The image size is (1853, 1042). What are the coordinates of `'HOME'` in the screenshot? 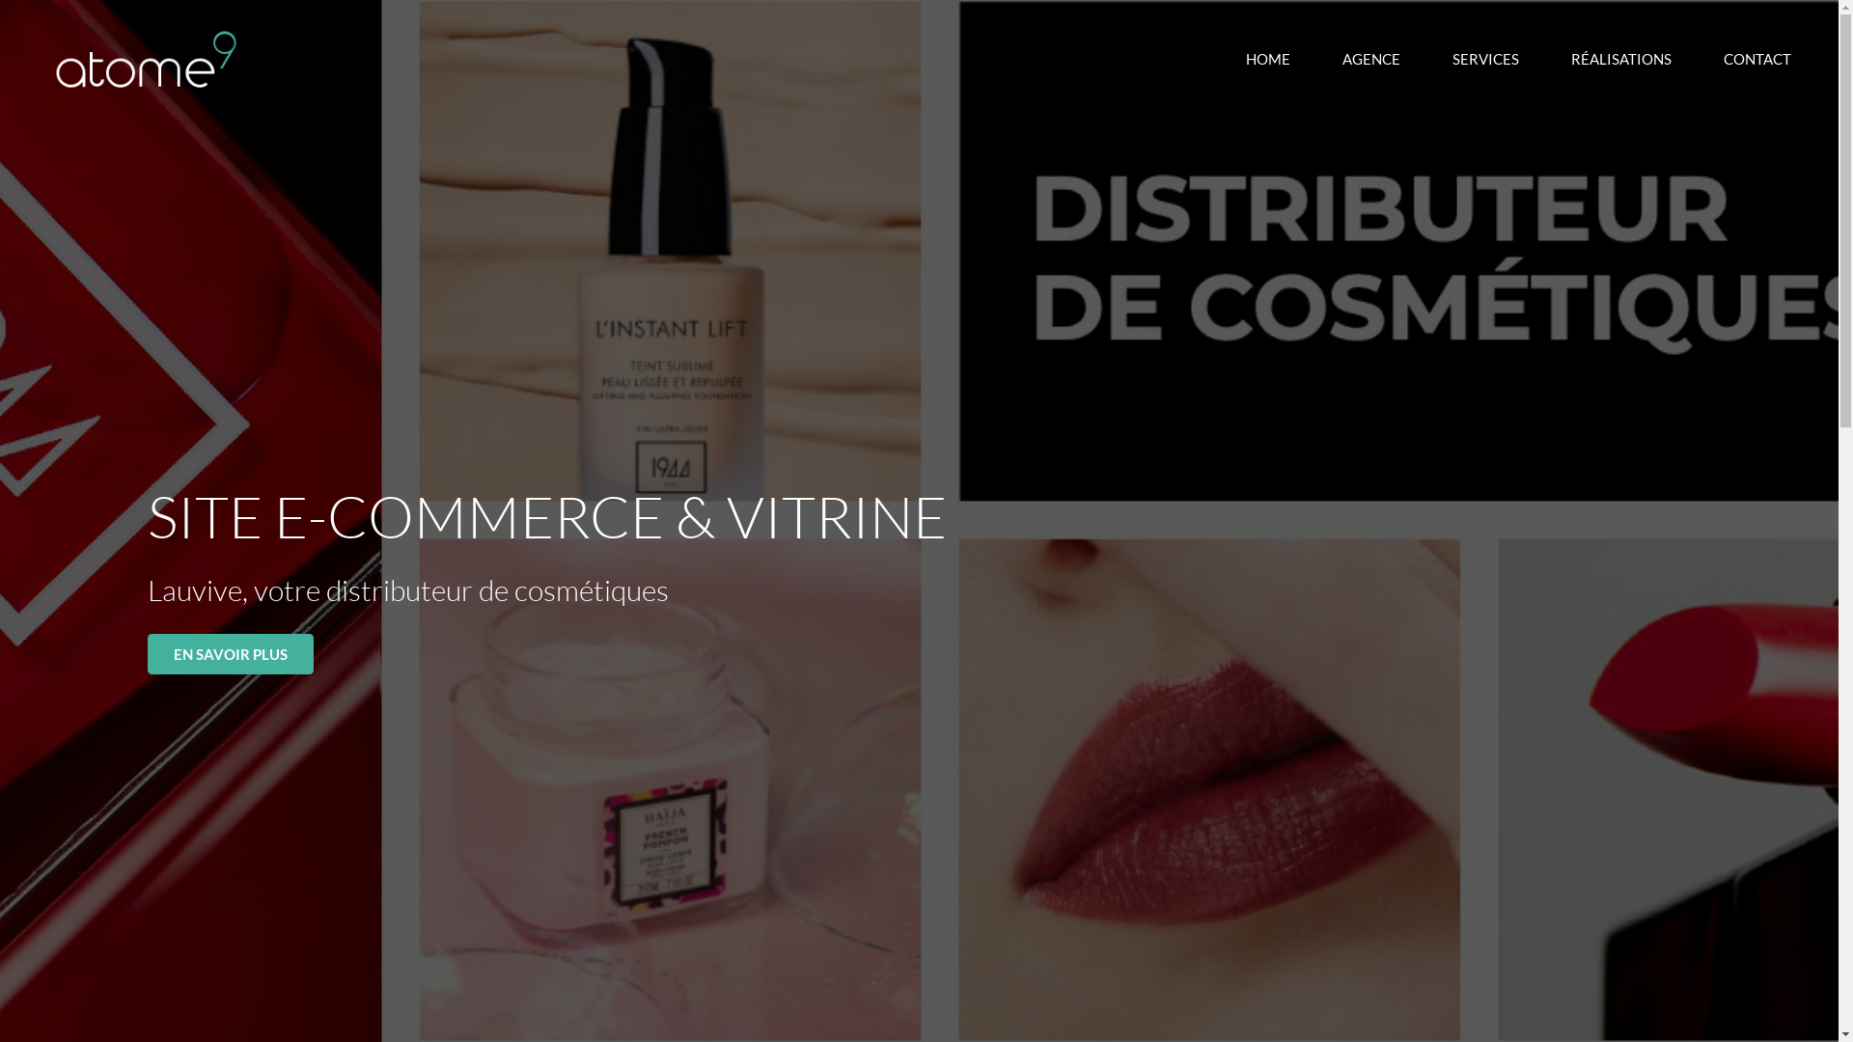 It's located at (1268, 58).